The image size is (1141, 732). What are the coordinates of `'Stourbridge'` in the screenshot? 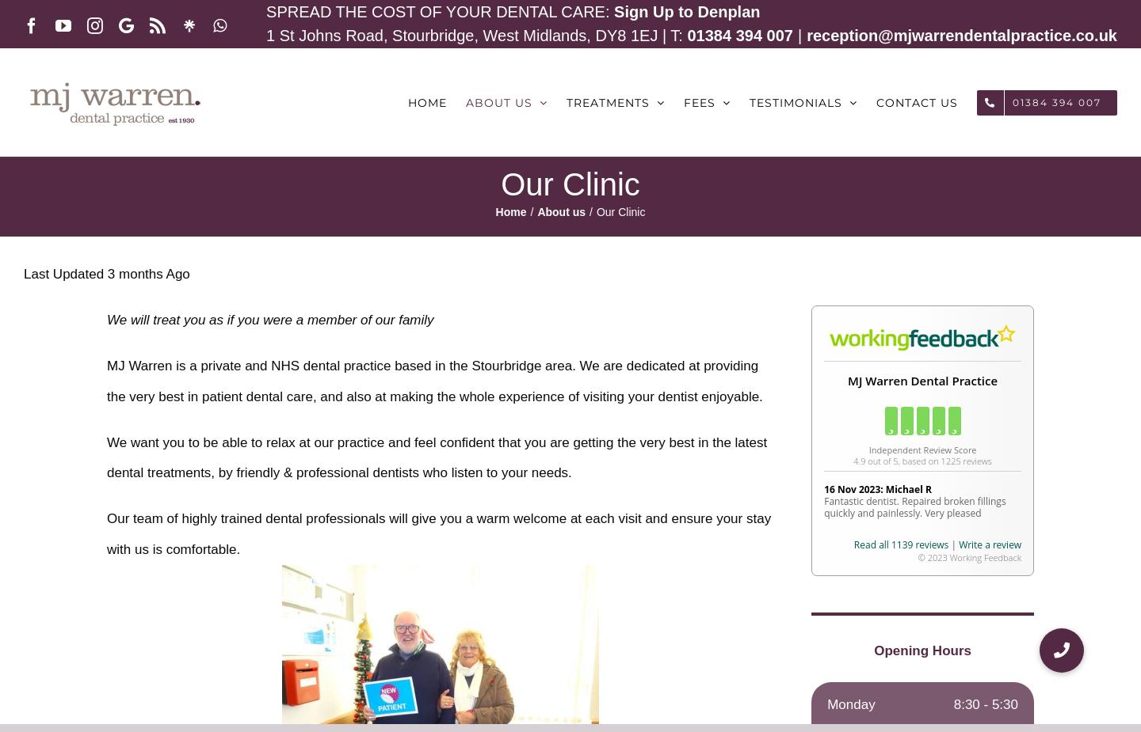 It's located at (505, 365).